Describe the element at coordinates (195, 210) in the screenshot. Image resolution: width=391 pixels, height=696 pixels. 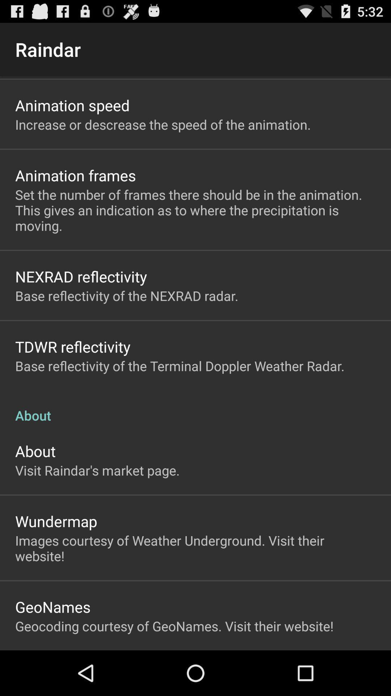
I see `item below animation frames` at that location.